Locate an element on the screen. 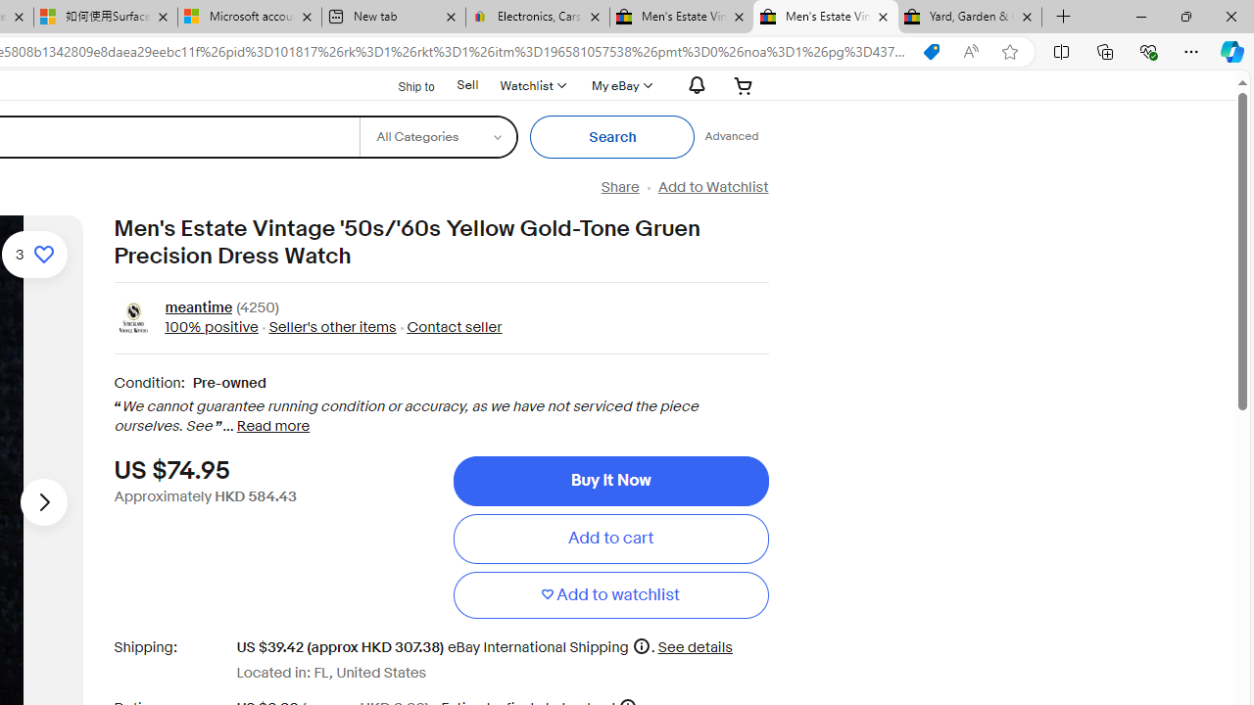  'Add to watchlist' is located at coordinates (609, 593).